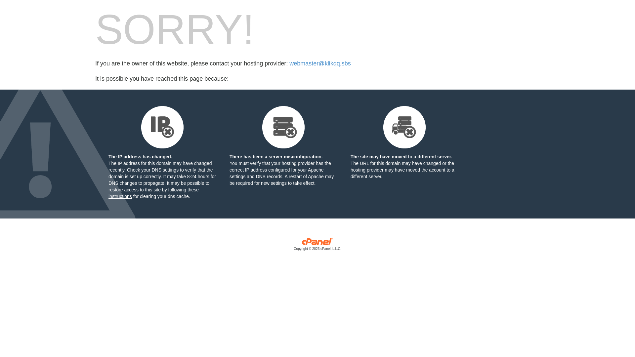 Image resolution: width=635 pixels, height=357 pixels. Describe the element at coordinates (320, 63) in the screenshot. I see `'webmaster@klikqq.sbs'` at that location.